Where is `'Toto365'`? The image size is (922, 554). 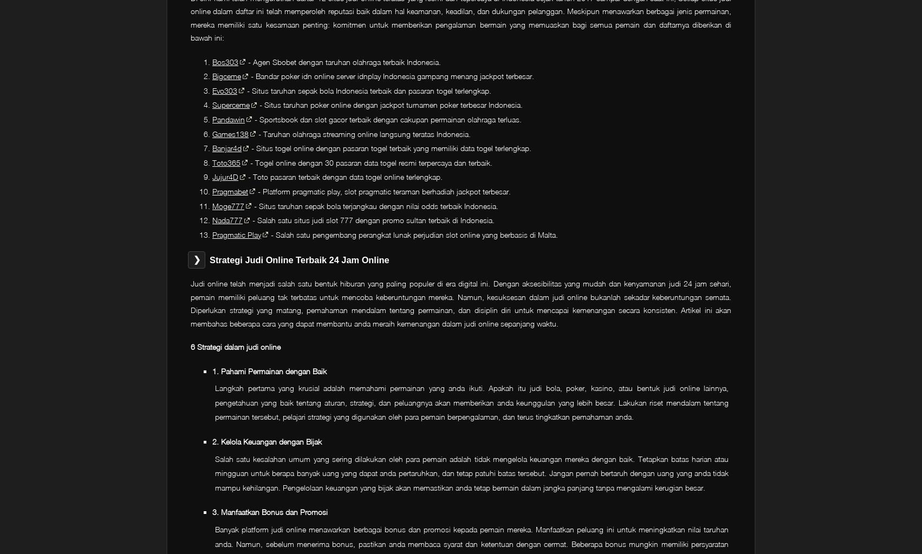 'Toto365' is located at coordinates (212, 161).